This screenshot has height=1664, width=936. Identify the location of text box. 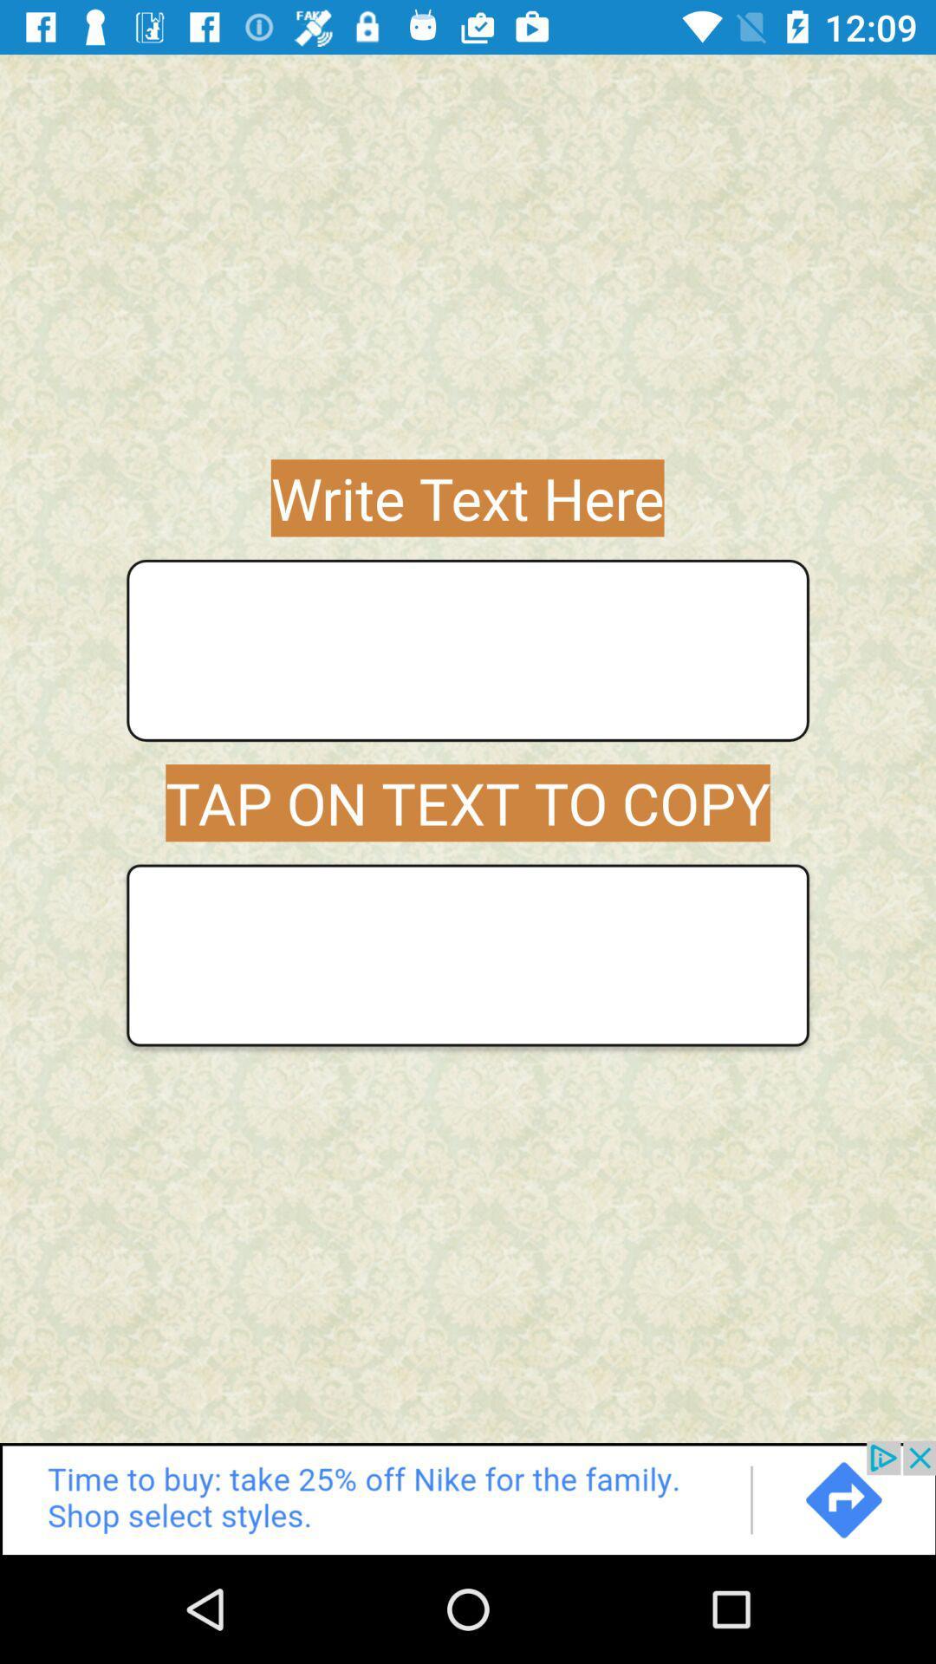
(468, 649).